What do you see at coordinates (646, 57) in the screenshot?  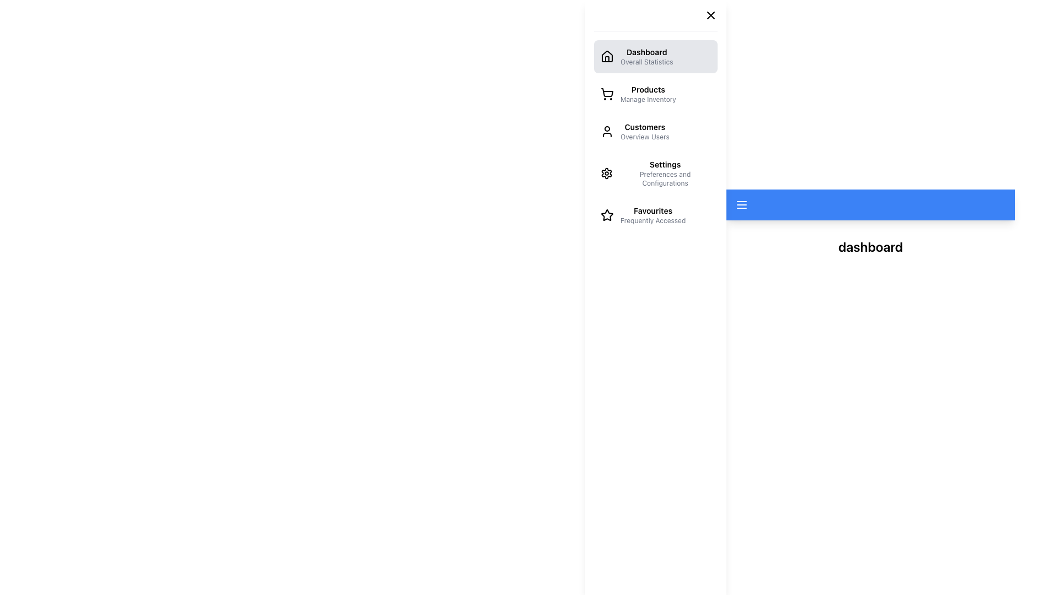 I see `the navigation link labeled 'Dashboard' that is positioned at the top of the vertical navigation menu, to the right of the home icon` at bounding box center [646, 57].